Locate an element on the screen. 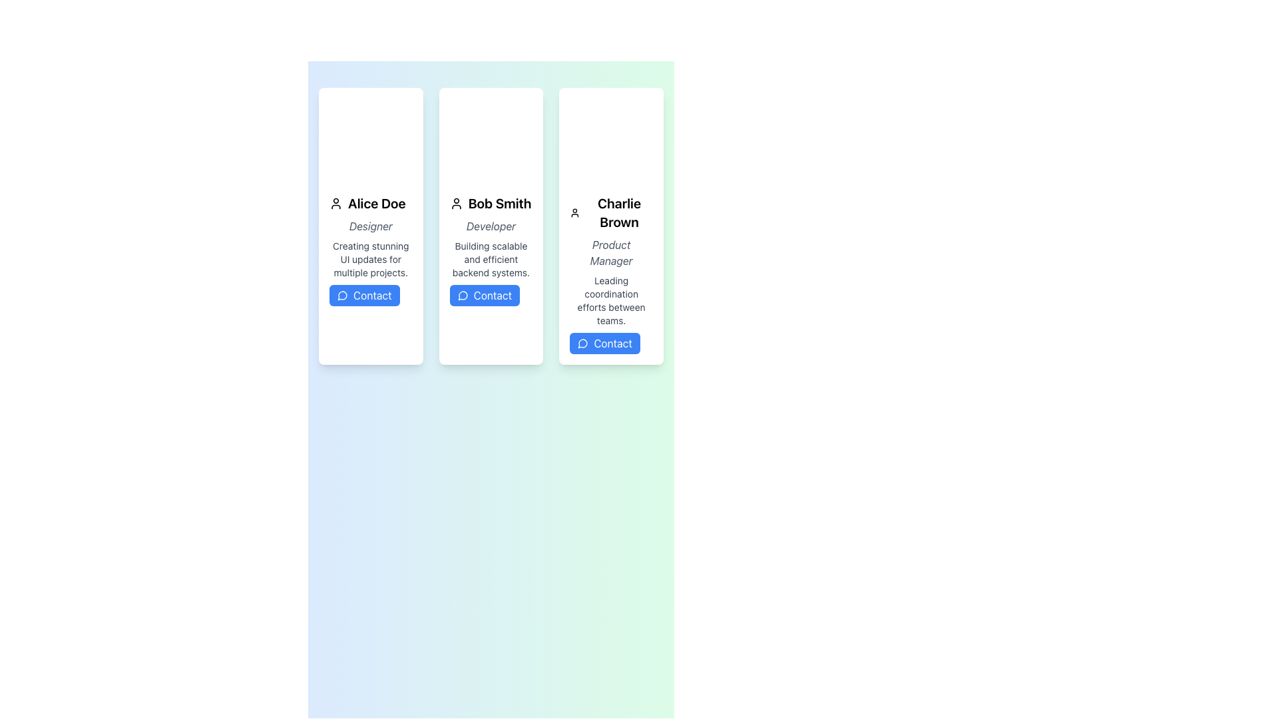 The image size is (1278, 719). the circular speech bubble icon that is part of the 'Contact' button located at the bottom of the card labeled 'Alice Doe' is located at coordinates (342, 294).